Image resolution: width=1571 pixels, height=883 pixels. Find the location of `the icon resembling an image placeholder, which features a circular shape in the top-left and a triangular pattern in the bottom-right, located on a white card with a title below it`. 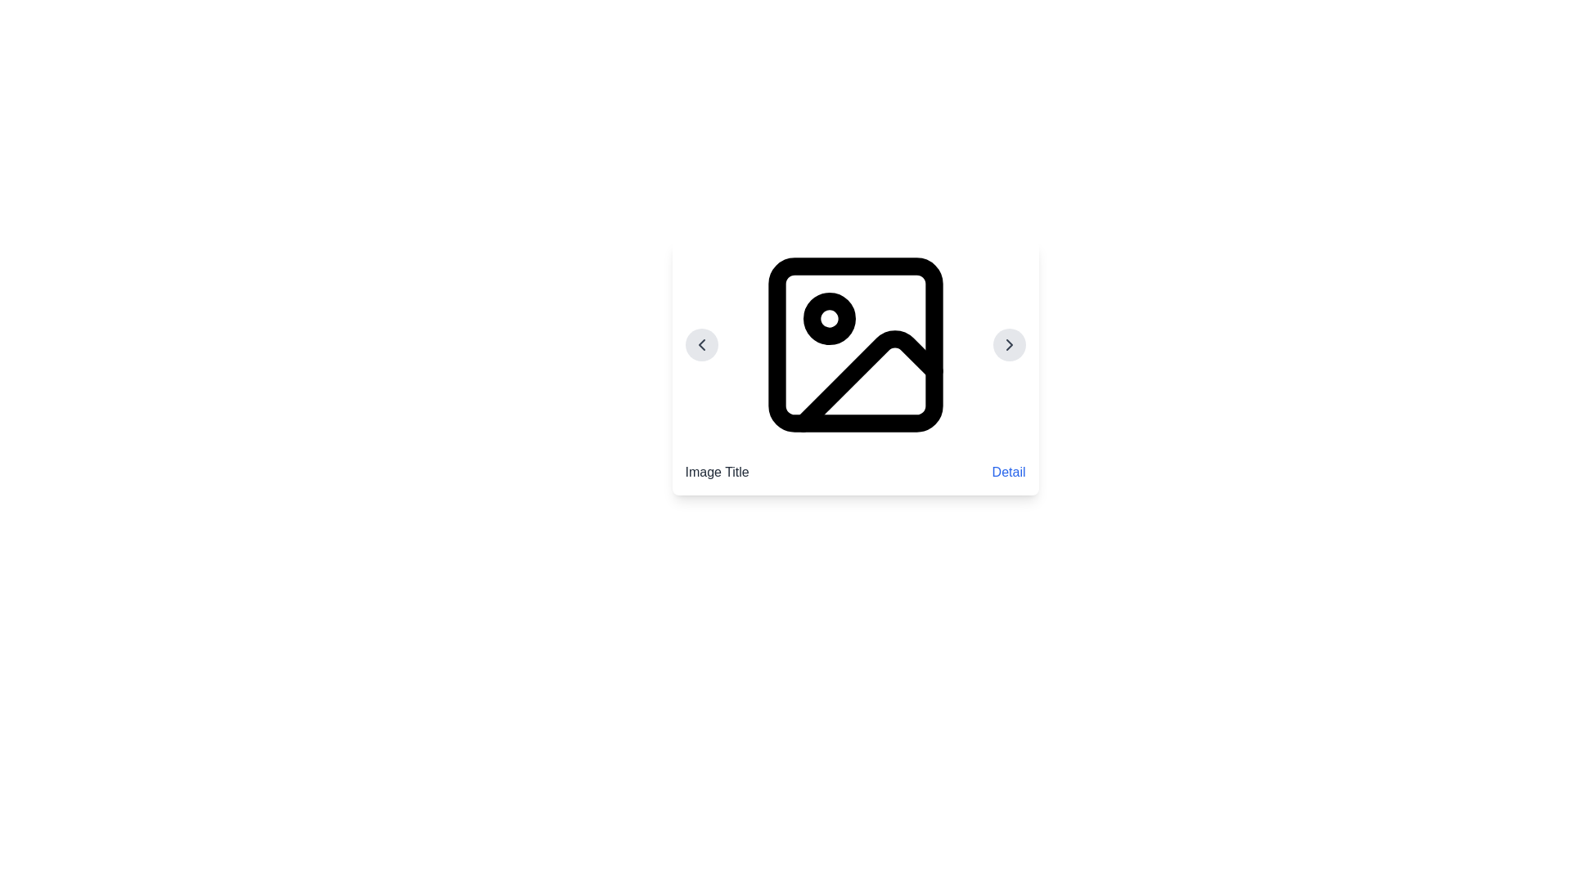

the icon resembling an image placeholder, which features a circular shape in the top-left and a triangular pattern in the bottom-right, located on a white card with a title below it is located at coordinates (854, 343).